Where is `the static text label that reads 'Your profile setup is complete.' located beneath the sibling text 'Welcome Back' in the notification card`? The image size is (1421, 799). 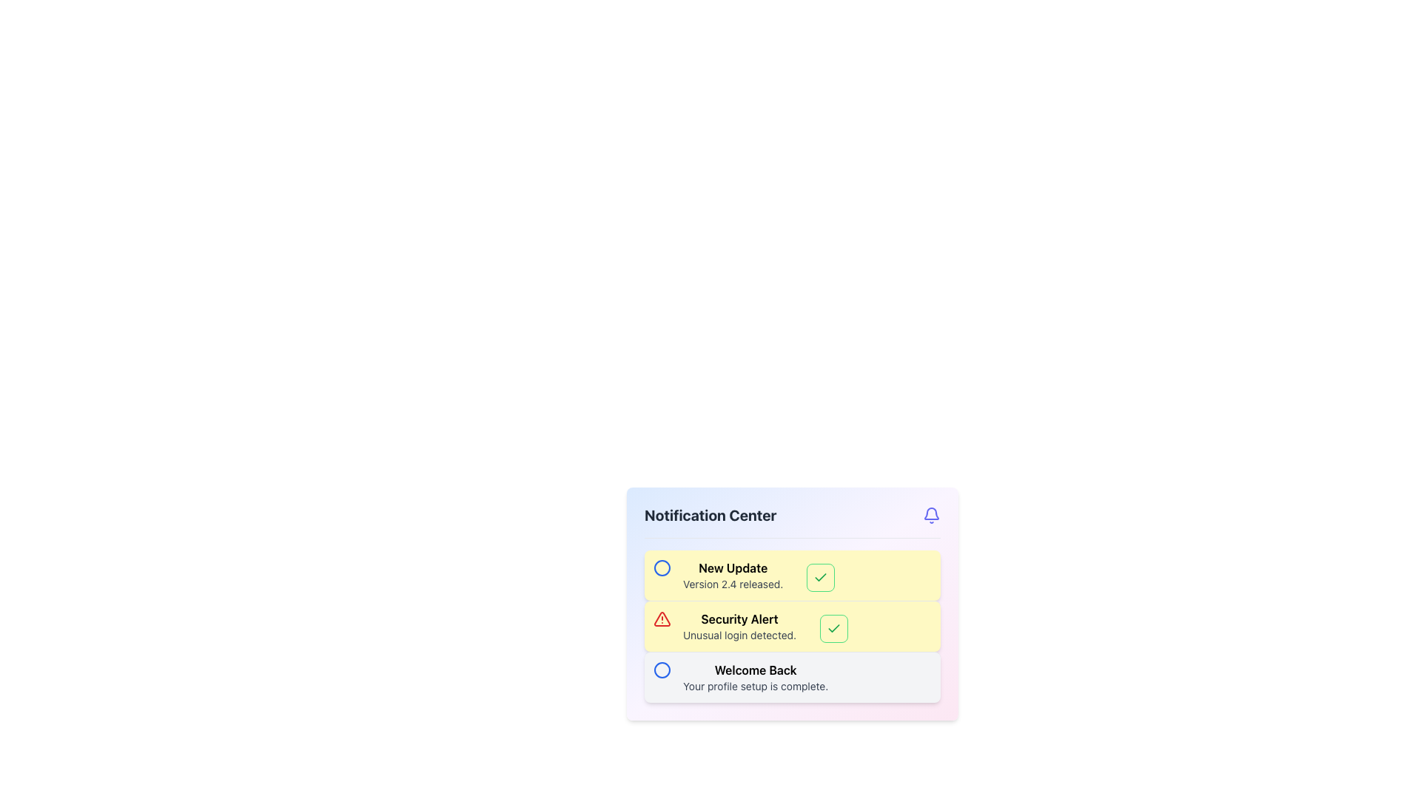 the static text label that reads 'Your profile setup is complete.' located beneath the sibling text 'Welcome Back' in the notification card is located at coordinates (756, 687).